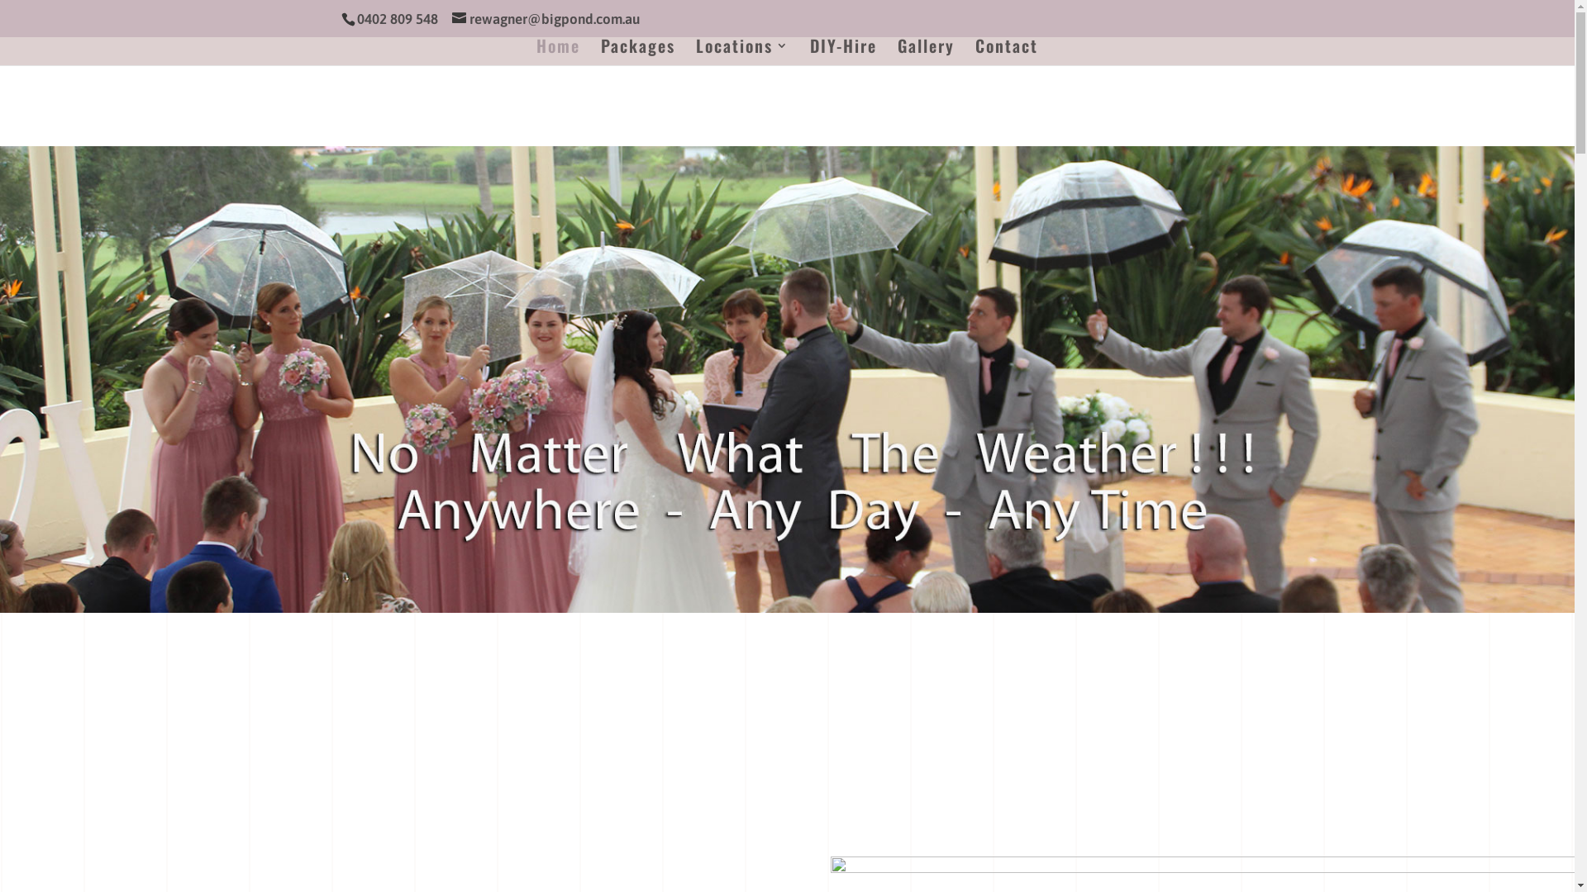 This screenshot has height=892, width=1587. I want to click on 'Contact', so click(1006, 51).